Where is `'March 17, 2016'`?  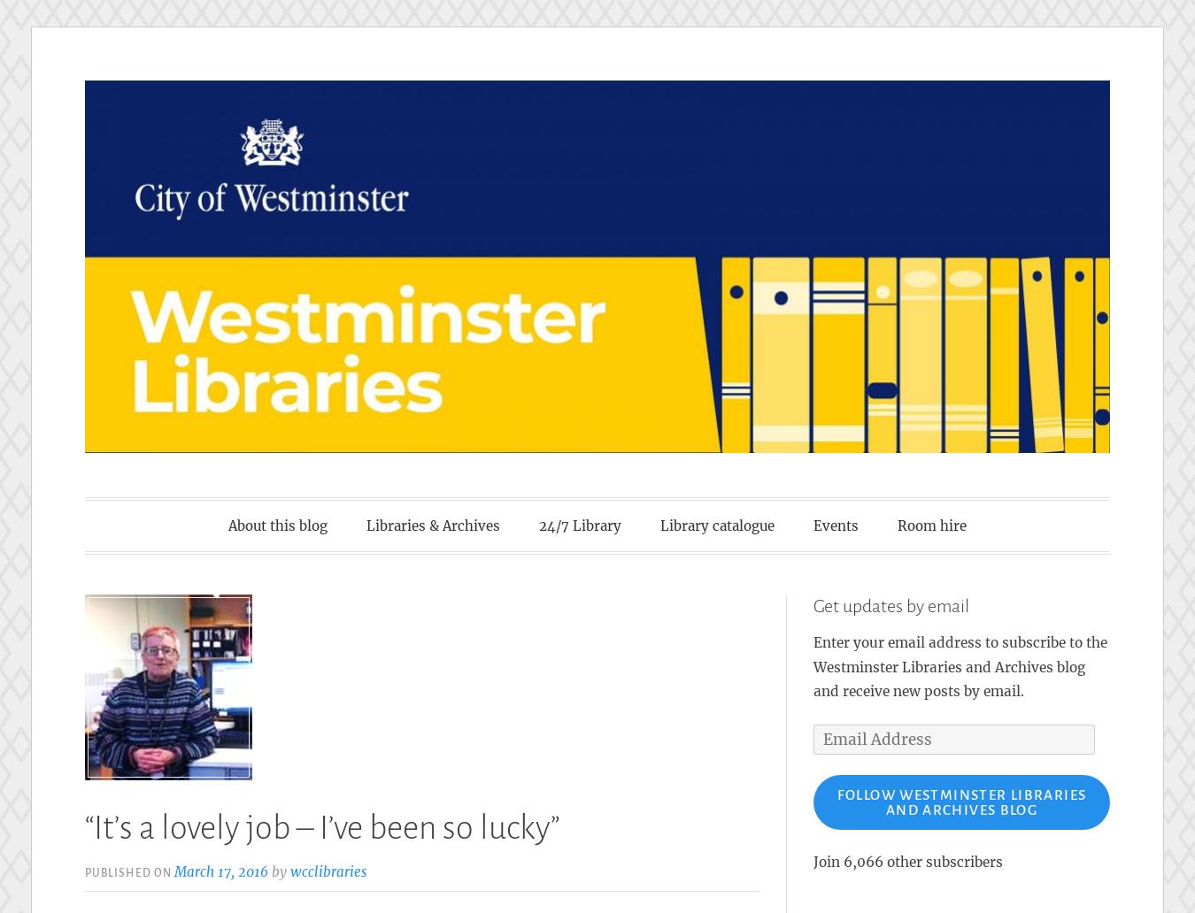
'March 17, 2016' is located at coordinates (220, 870).